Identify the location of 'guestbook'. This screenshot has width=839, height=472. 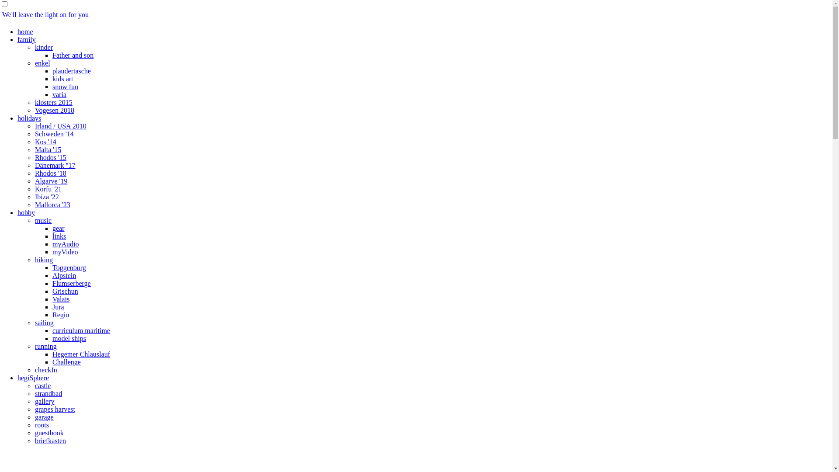
(49, 433).